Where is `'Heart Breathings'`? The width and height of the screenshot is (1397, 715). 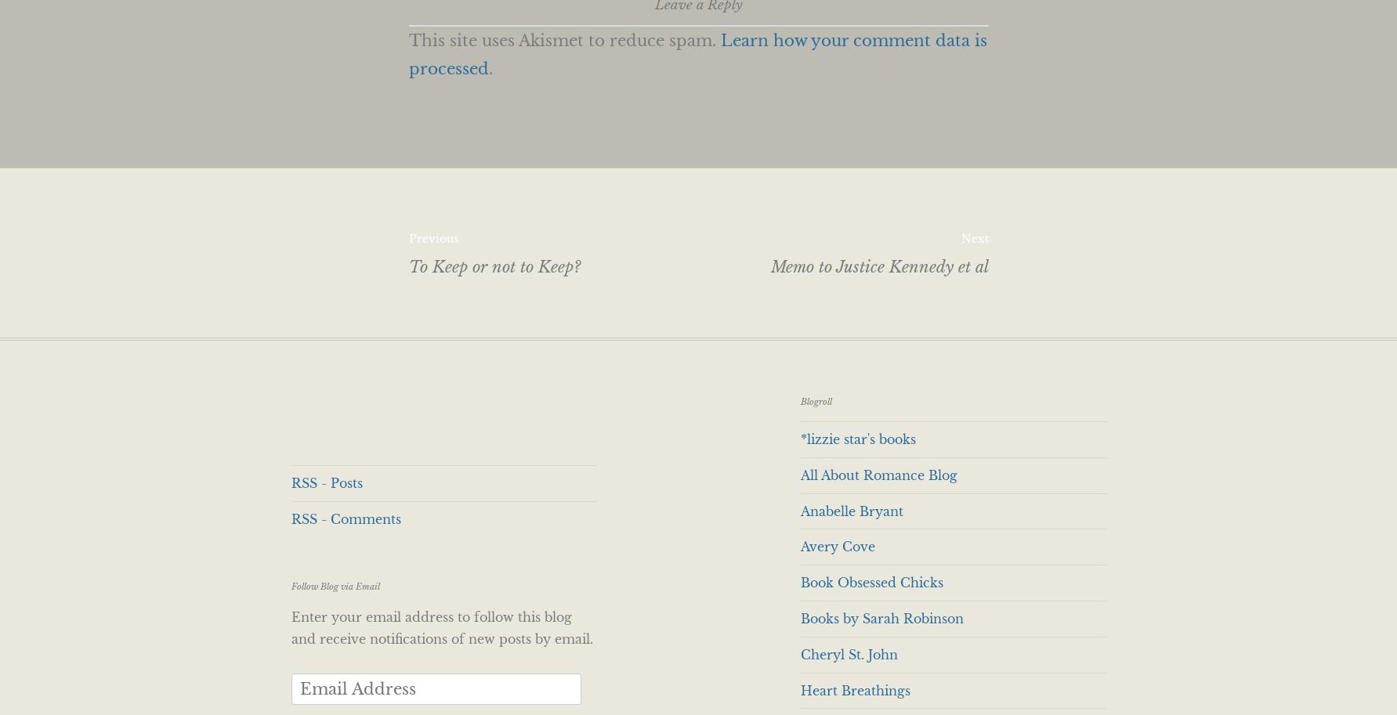 'Heart Breathings' is located at coordinates (854, 689).